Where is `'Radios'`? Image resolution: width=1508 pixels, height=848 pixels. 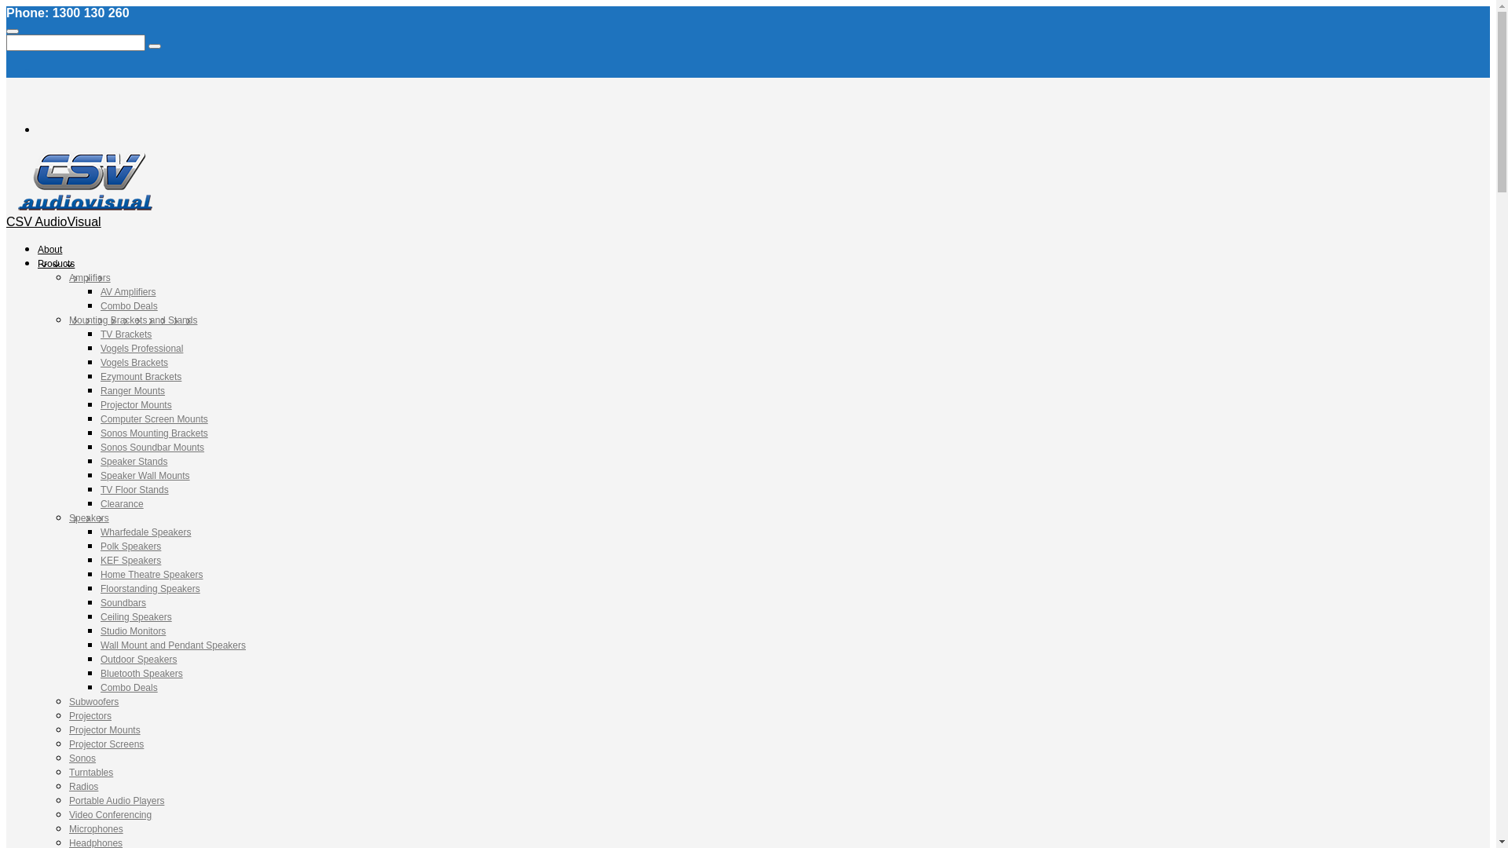
'Radios' is located at coordinates (82, 787).